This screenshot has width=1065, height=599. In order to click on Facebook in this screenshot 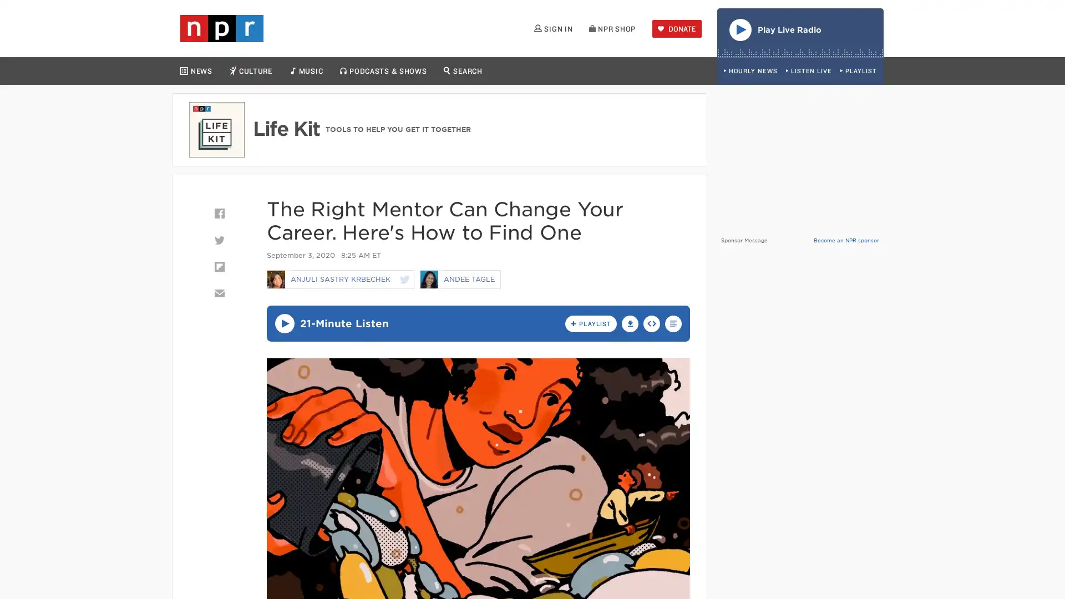, I will do `click(219, 214)`.